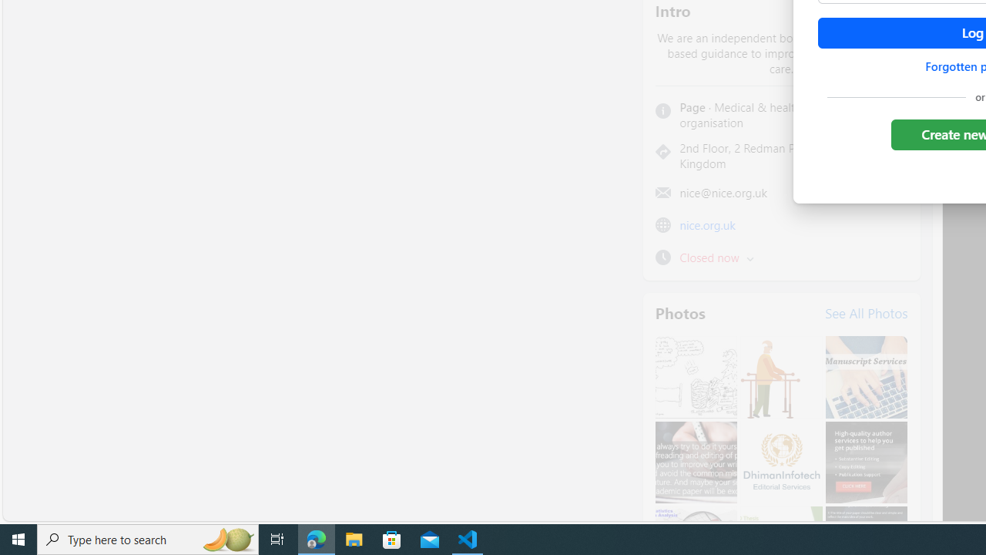 Image resolution: width=986 pixels, height=555 pixels. What do you see at coordinates (316, 538) in the screenshot?
I see `'Microsoft Edge - 1 running window'` at bounding box center [316, 538].